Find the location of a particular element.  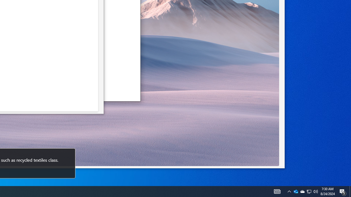

'Microsoft Outlook' is located at coordinates (296, 191).